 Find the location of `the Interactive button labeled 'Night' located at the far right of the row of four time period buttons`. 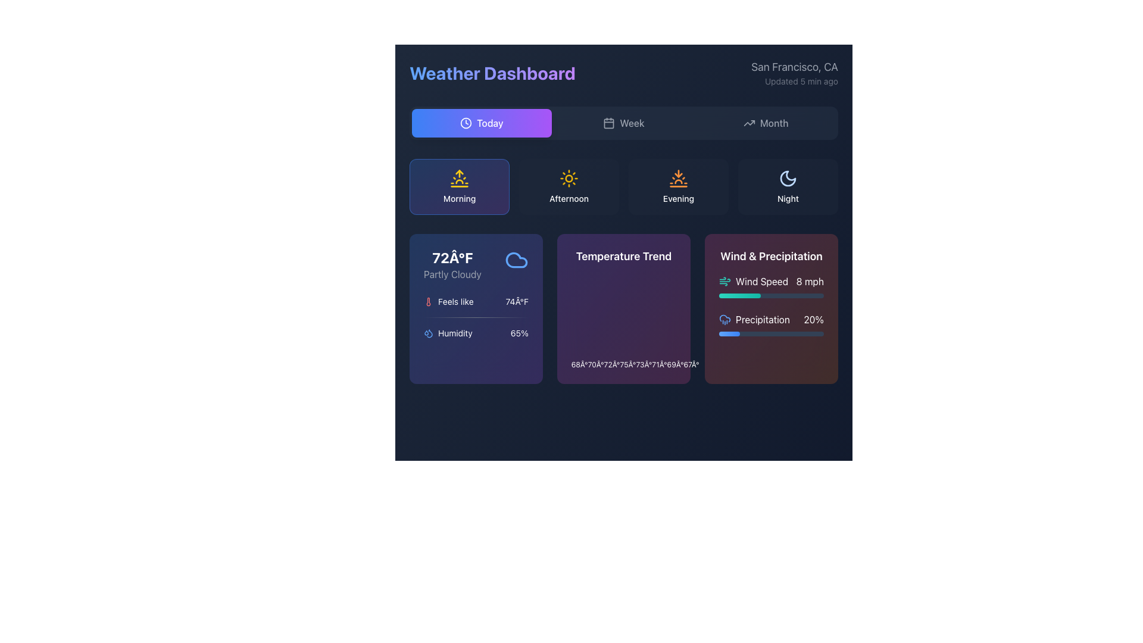

the Interactive button labeled 'Night' located at the far right of the row of four time period buttons is located at coordinates (788, 186).